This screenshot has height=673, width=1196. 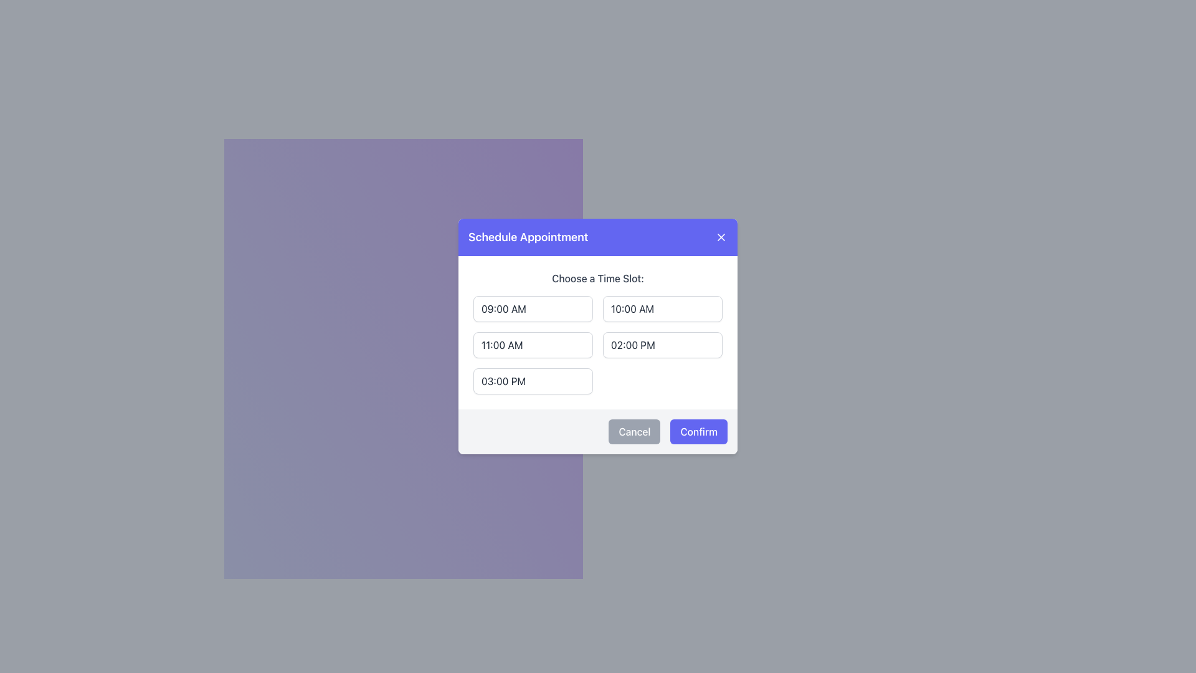 What do you see at coordinates (632, 308) in the screenshot?
I see `the text display element showing '10:00 AM' within the 'Schedule Appointment' modal, which is visually distinct with a white rectangular box and light gray border` at bounding box center [632, 308].